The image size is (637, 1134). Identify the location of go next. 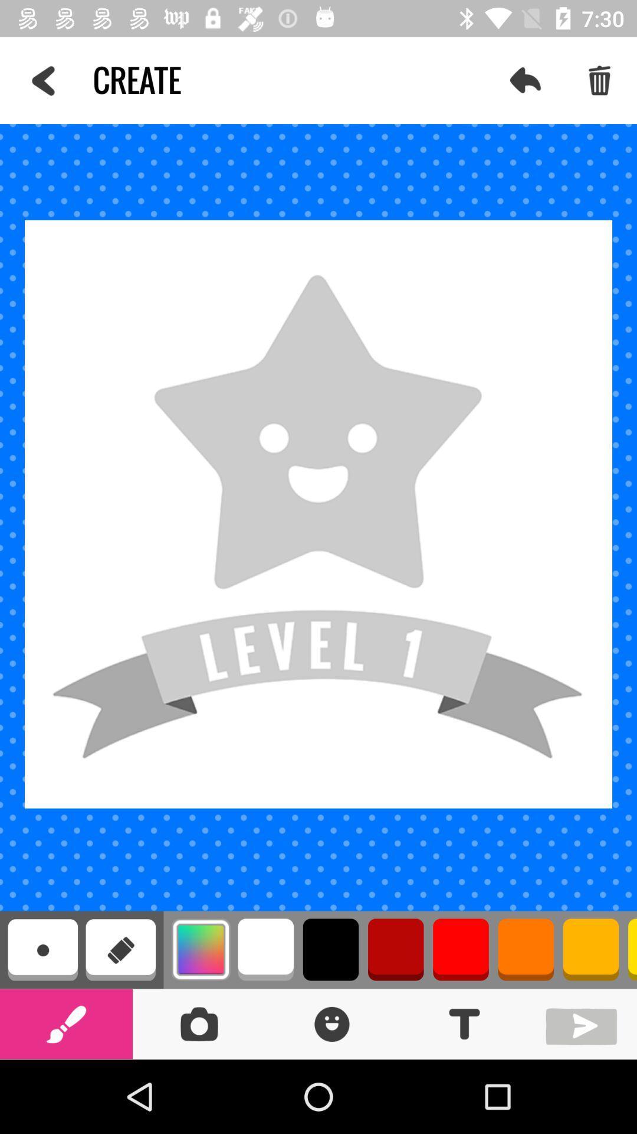
(584, 1023).